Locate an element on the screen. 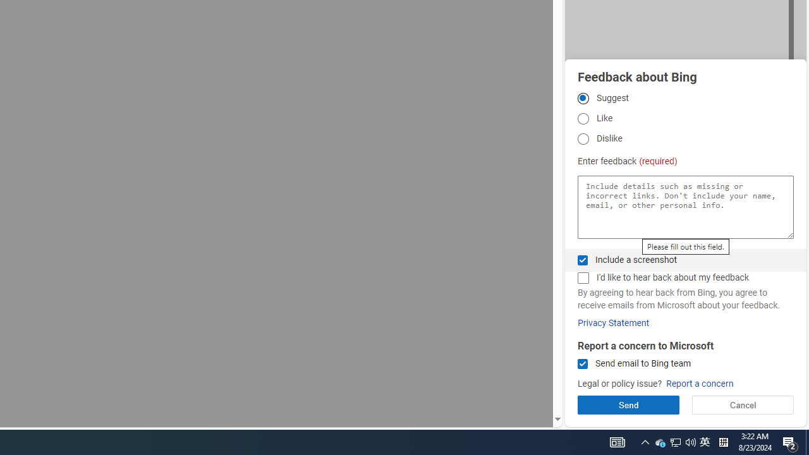  'Include a screenshot' is located at coordinates (582, 259).